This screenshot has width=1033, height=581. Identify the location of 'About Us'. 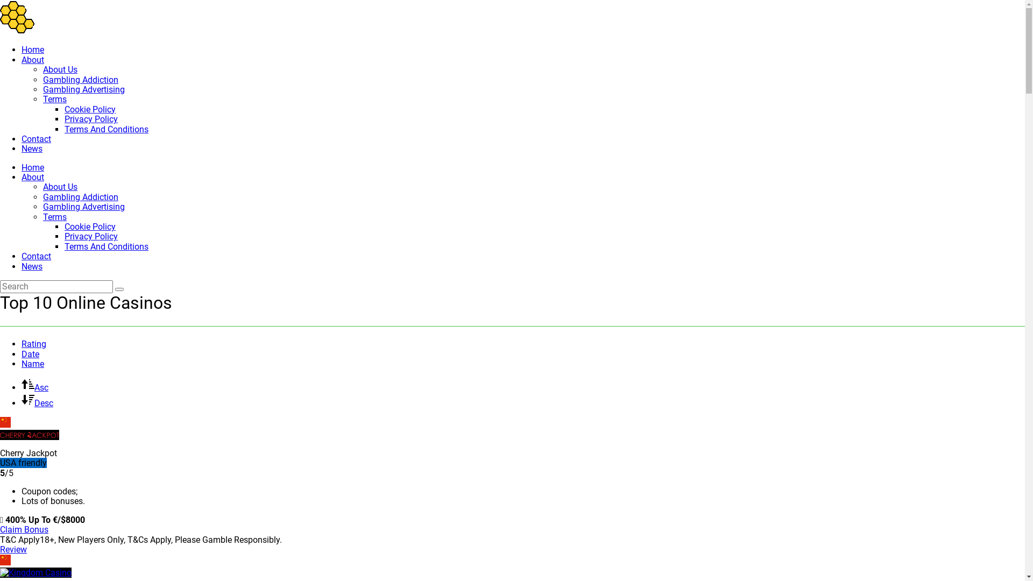
(59, 69).